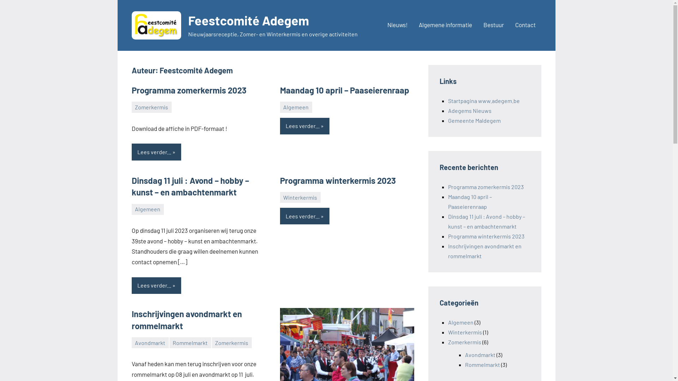  What do you see at coordinates (279, 126) in the screenshot?
I see `'Lees verder...'` at bounding box center [279, 126].